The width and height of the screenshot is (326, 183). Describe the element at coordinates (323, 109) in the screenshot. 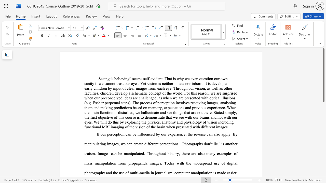

I see `the right-hand scrollbar to descend the page` at that location.